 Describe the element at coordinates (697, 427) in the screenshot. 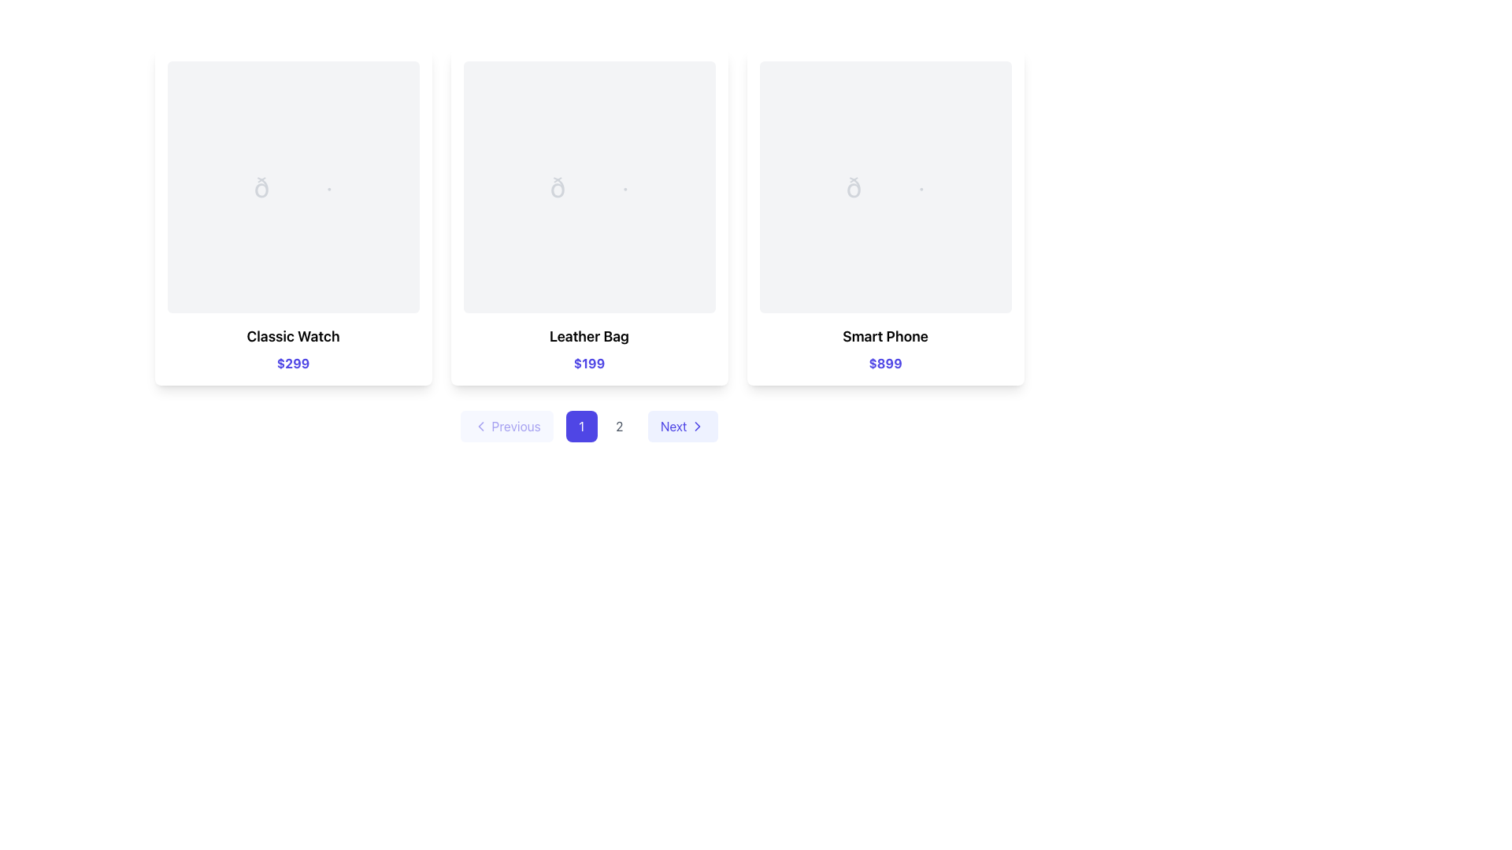

I see `the right-pointing chevron icon that is part of the 'Next' button group in the pagination section below the grid layout of items` at that location.